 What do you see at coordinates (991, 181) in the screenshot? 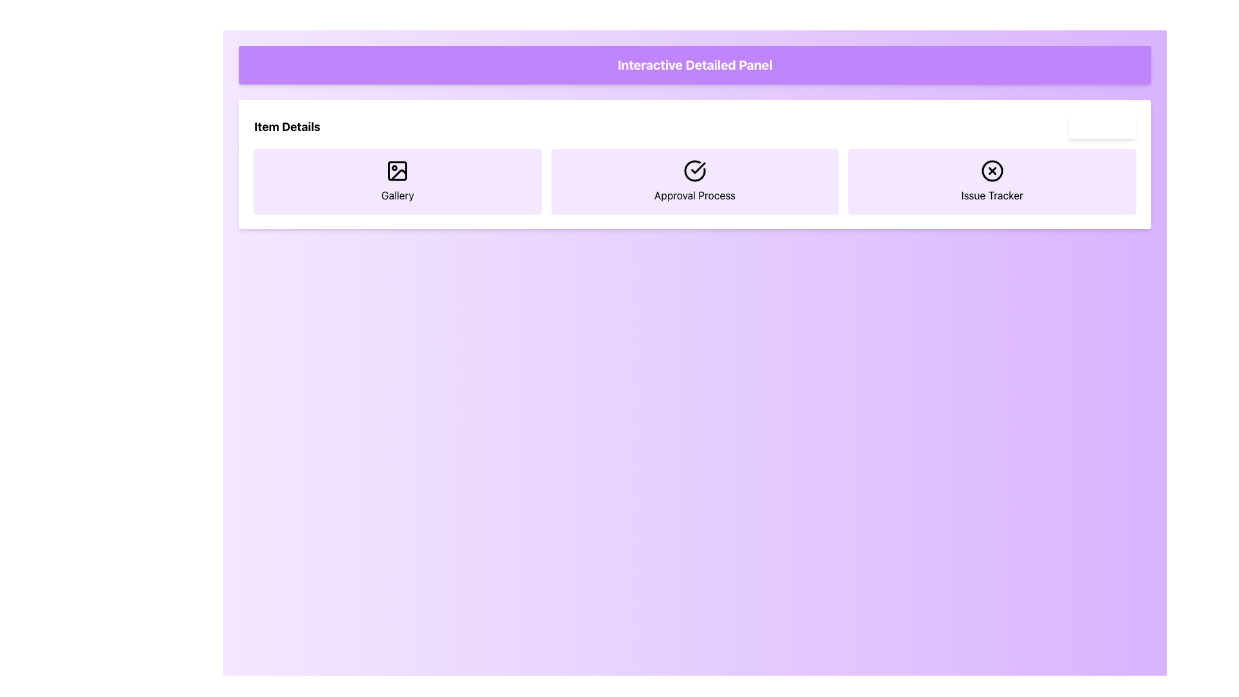
I see `the Button-like card labeled 'Issue Tracker' with a light purple background and circular icon featuring a cross, which is the rightmost card in a set of three` at bounding box center [991, 181].